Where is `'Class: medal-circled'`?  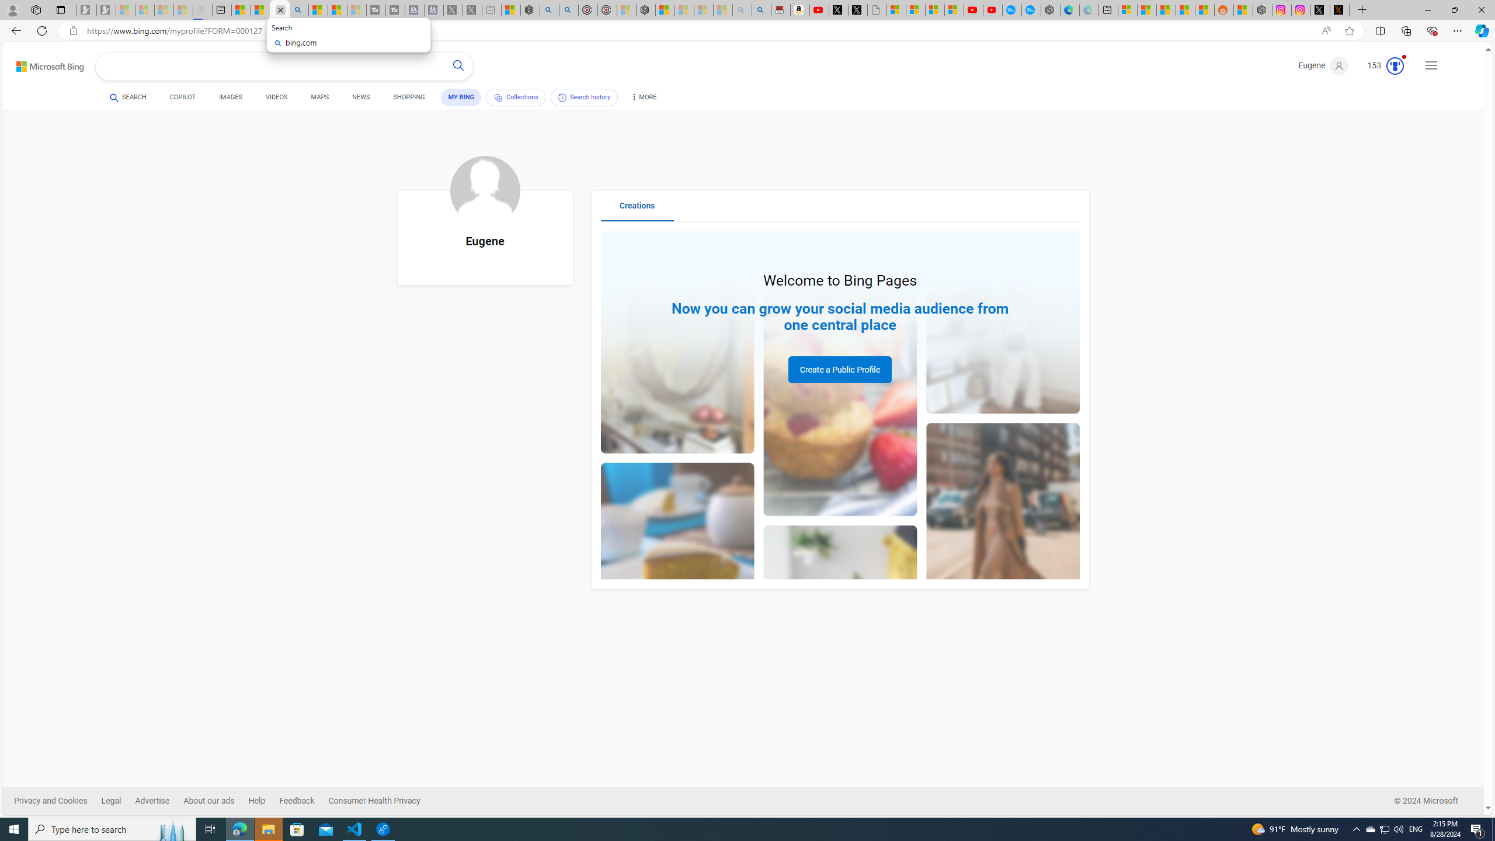
'Class: medal-circled' is located at coordinates (1395, 65).